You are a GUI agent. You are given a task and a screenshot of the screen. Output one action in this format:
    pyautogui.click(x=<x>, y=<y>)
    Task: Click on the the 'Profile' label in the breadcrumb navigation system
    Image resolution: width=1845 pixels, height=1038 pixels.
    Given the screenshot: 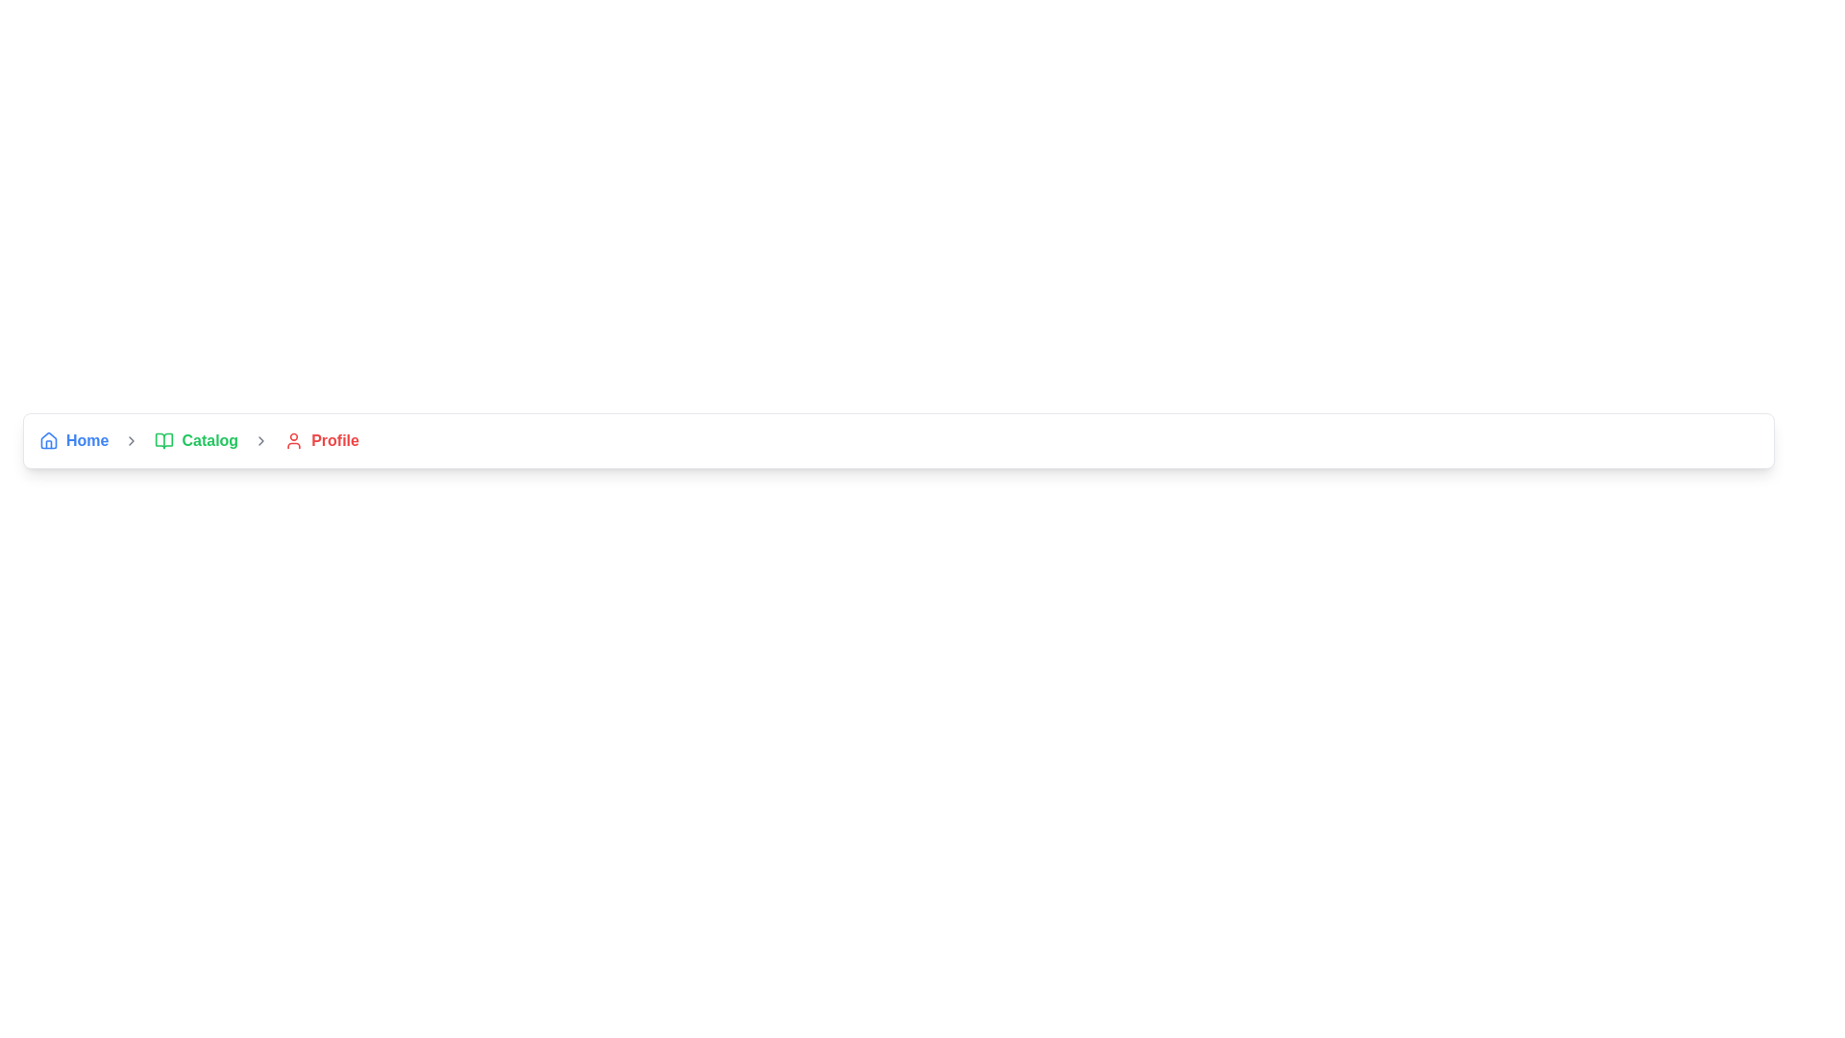 What is the action you would take?
    pyautogui.click(x=335, y=441)
    